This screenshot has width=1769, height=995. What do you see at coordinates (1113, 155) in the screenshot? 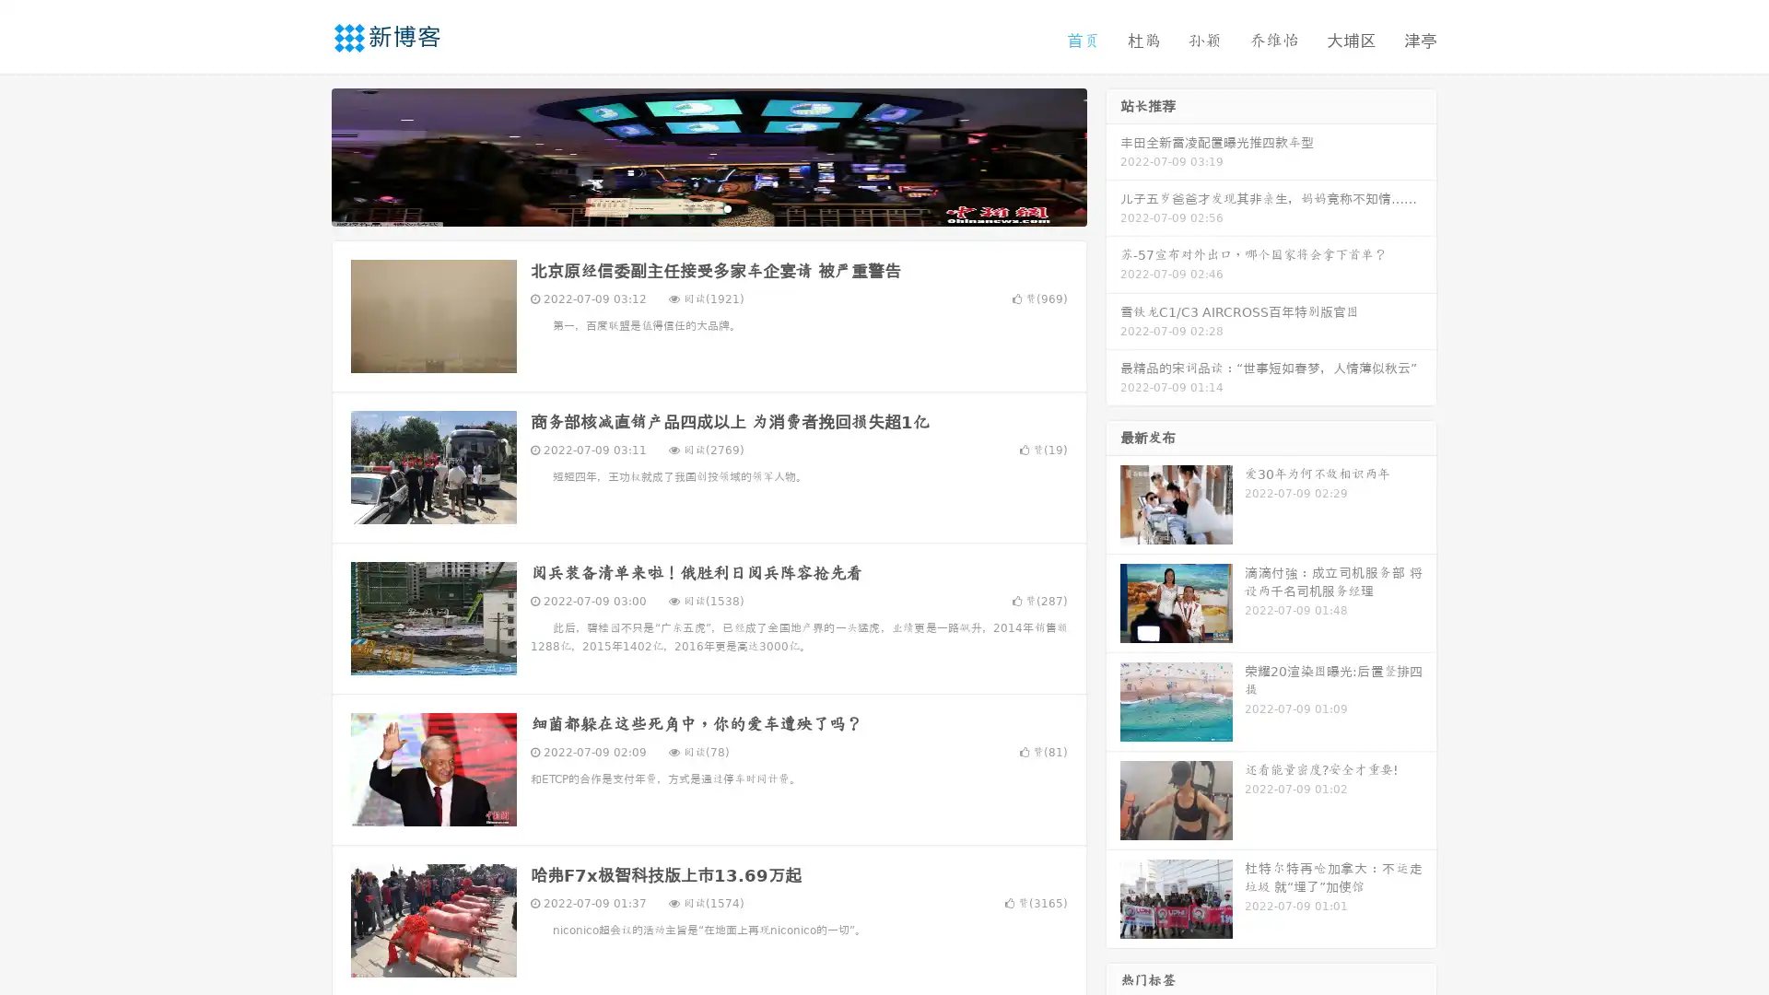
I see `Next slide` at bounding box center [1113, 155].